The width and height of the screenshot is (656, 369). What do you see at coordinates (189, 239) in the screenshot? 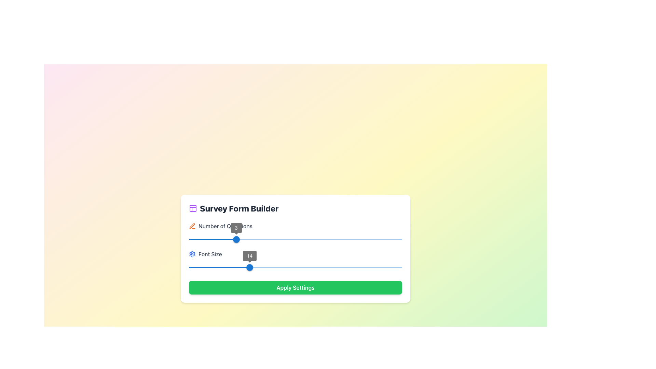
I see `the number of questions` at bounding box center [189, 239].